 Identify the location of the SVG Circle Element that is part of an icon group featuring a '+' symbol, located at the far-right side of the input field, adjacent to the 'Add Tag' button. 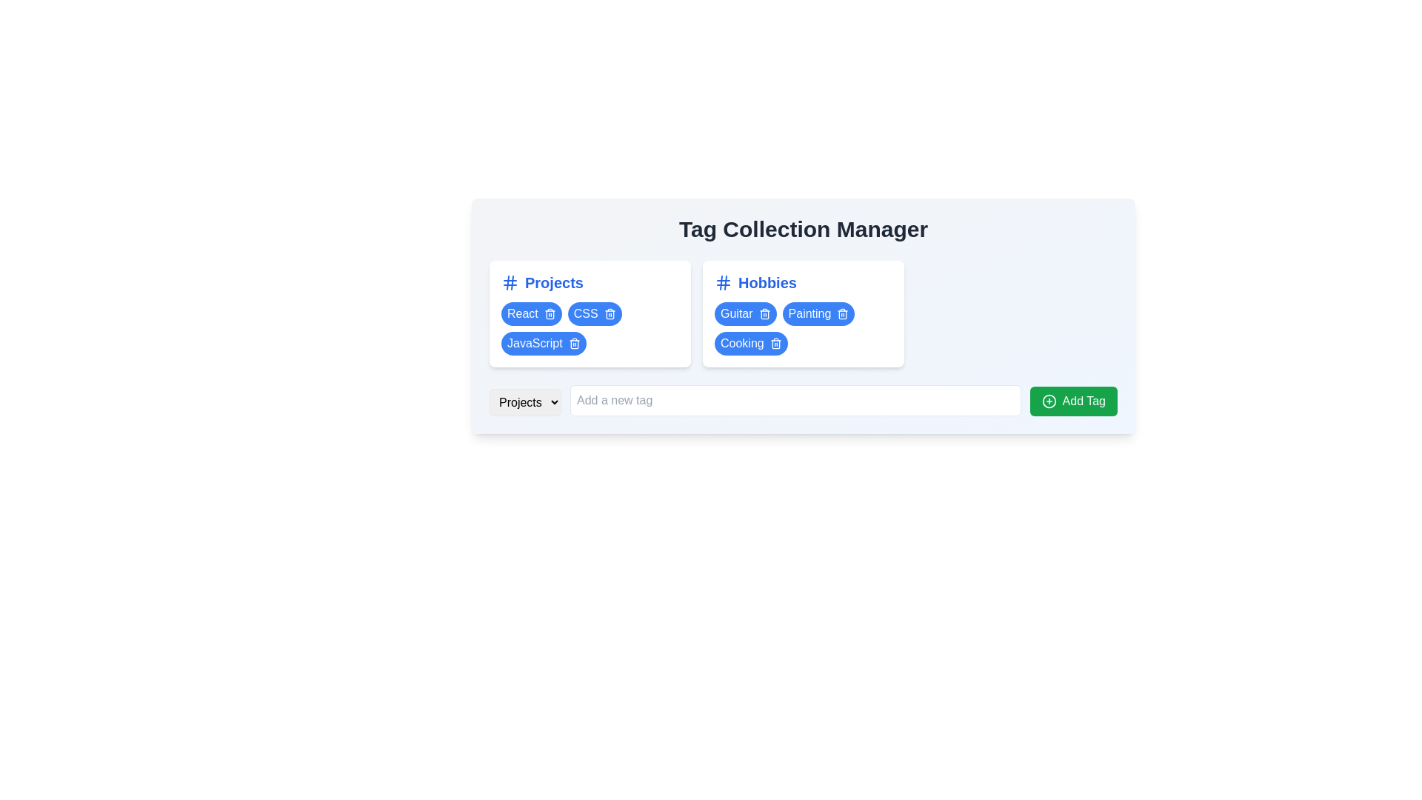
(1048, 401).